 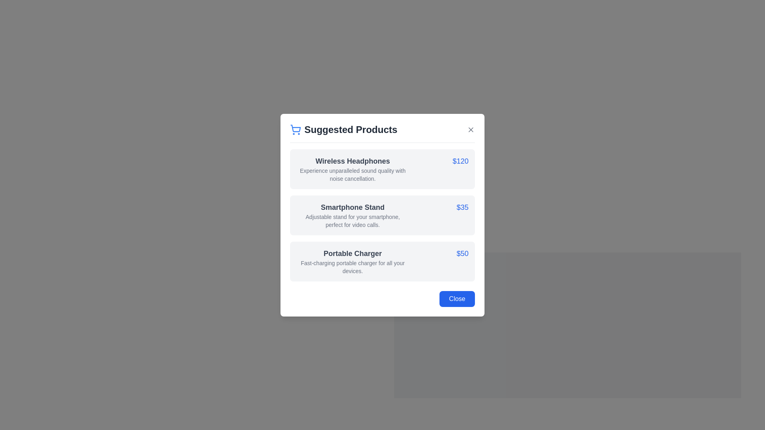 I want to click on the close icon in the top-right corner of the 'Suggested Products' panel, which is a 20x20 px SVG icon used to dismiss the panel, so click(x=471, y=129).